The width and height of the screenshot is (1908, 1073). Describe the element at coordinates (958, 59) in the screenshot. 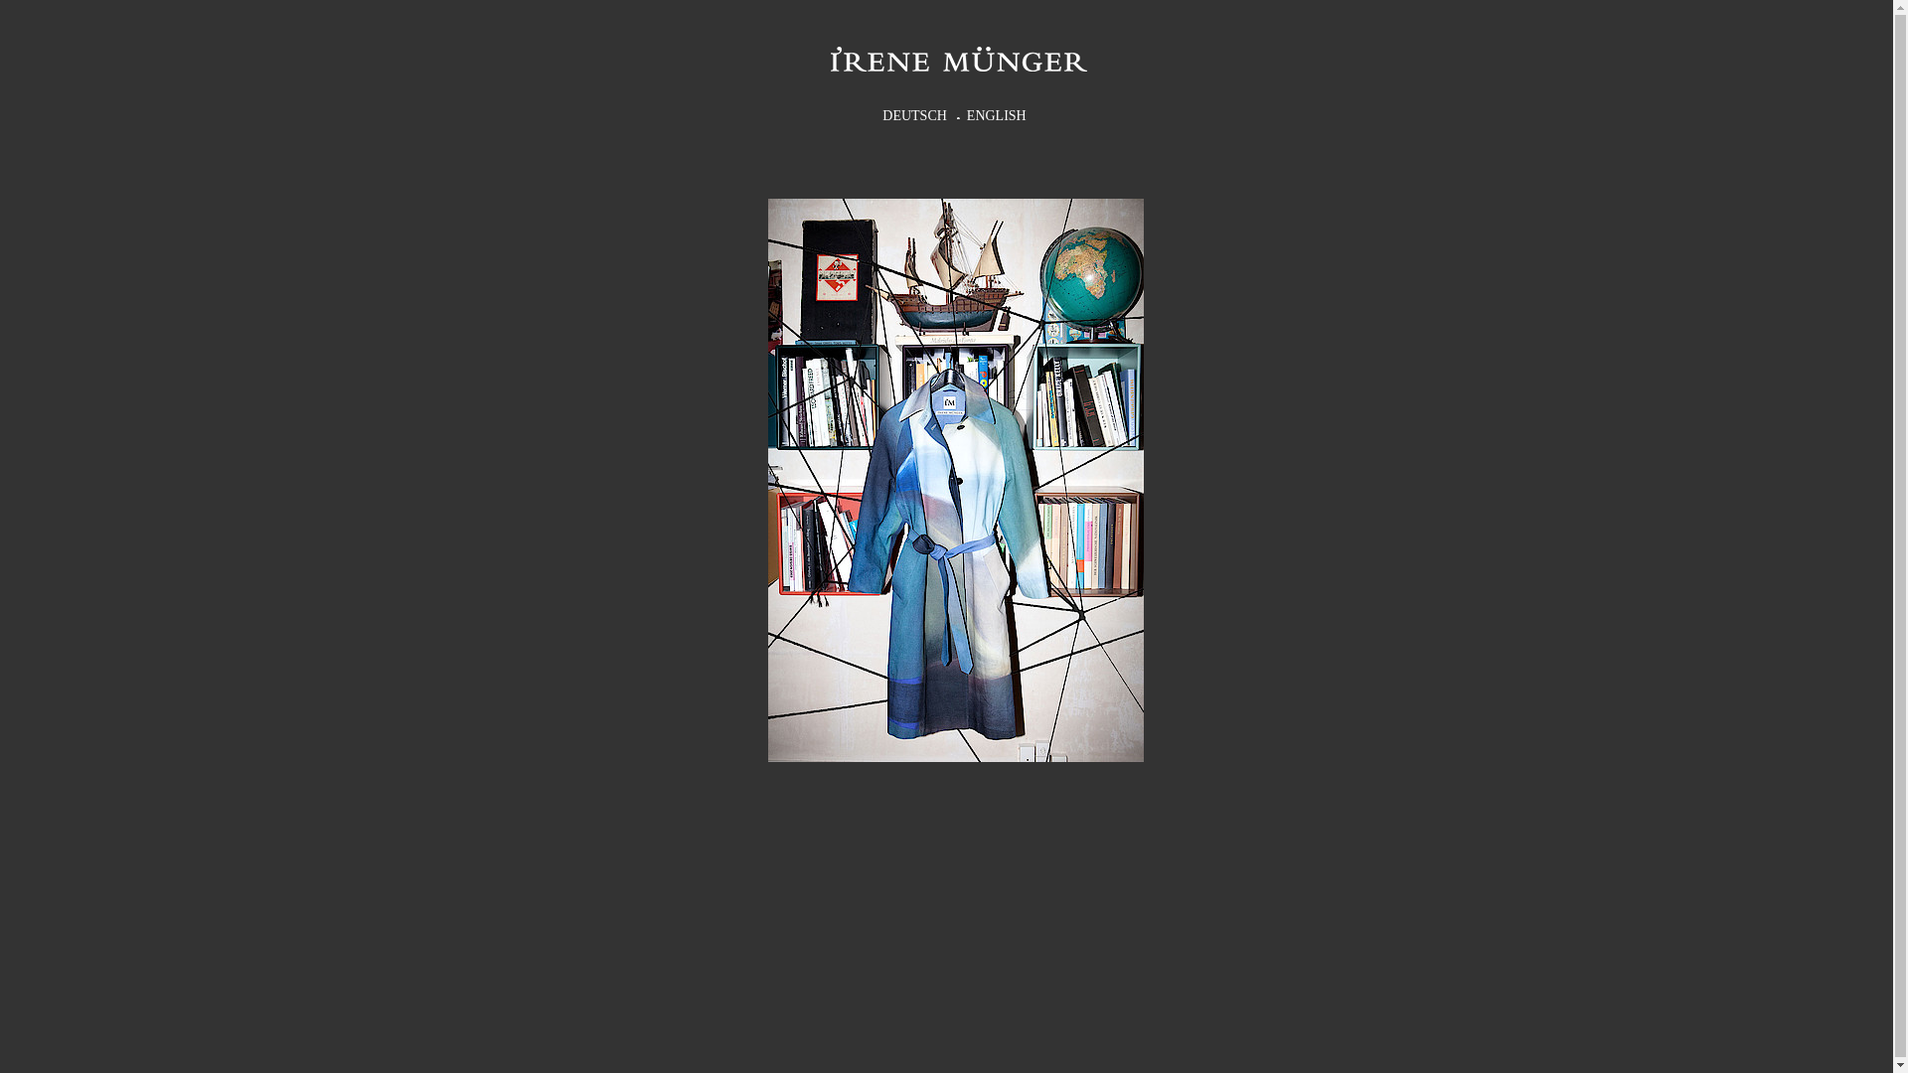

I see `'Firmenname'` at that location.